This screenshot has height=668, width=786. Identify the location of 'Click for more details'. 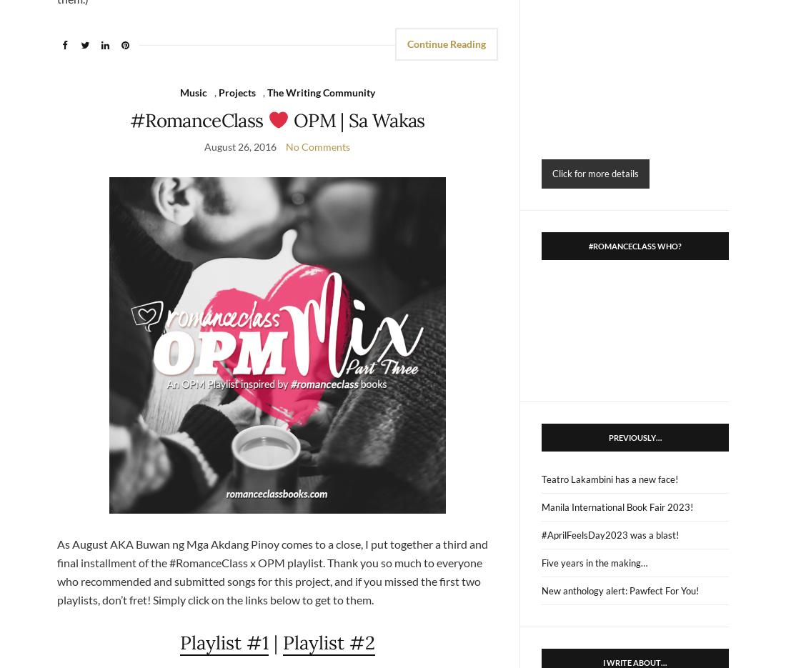
(594, 172).